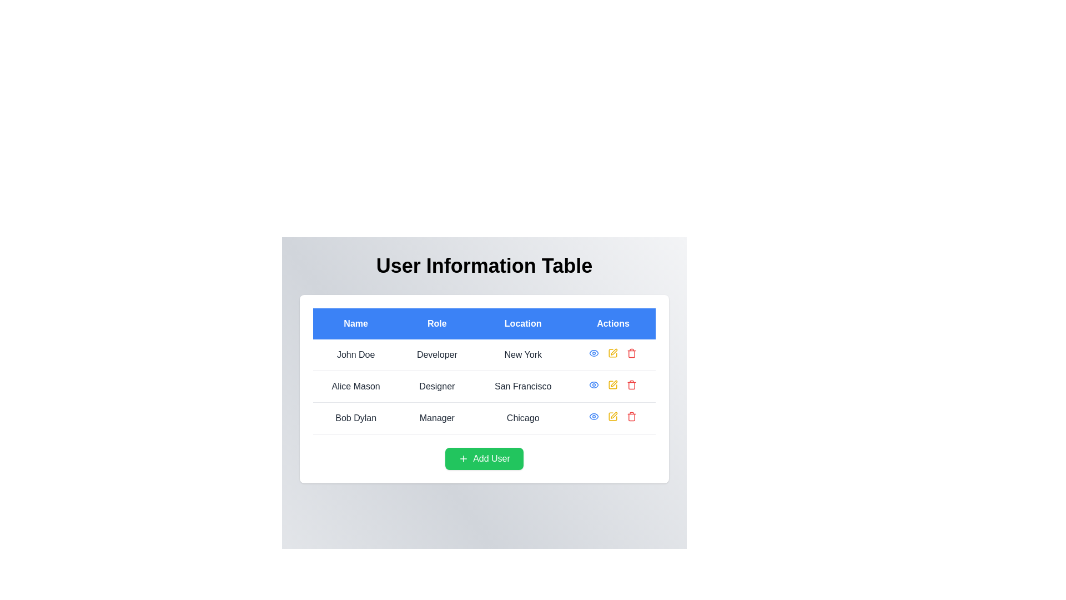 Image resolution: width=1066 pixels, height=600 pixels. What do you see at coordinates (484, 355) in the screenshot?
I see `the first row of the user information table` at bounding box center [484, 355].